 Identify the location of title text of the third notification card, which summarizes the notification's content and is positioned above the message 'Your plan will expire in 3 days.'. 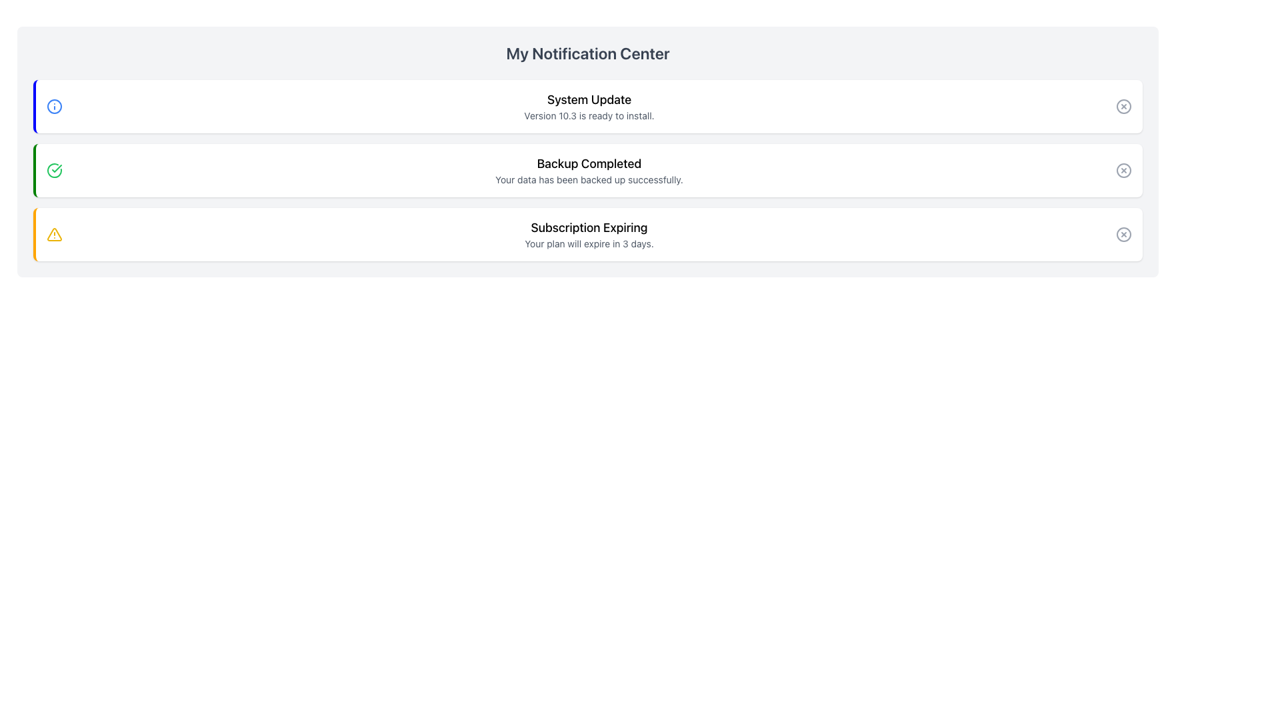
(588, 227).